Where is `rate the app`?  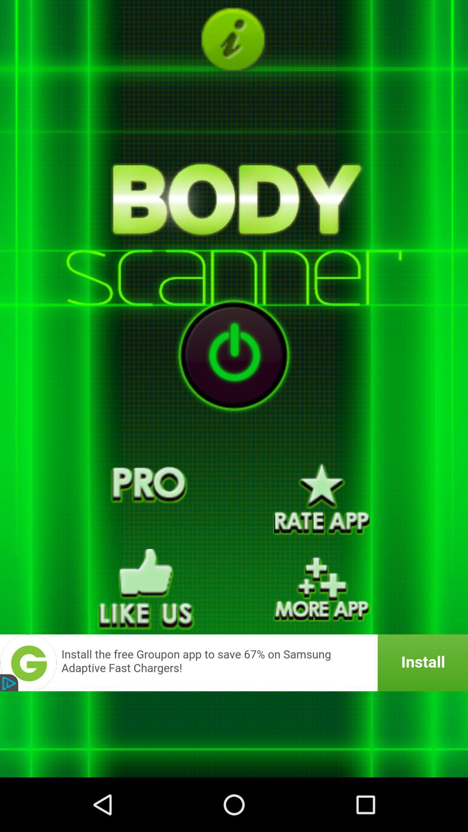
rate the app is located at coordinates (322, 499).